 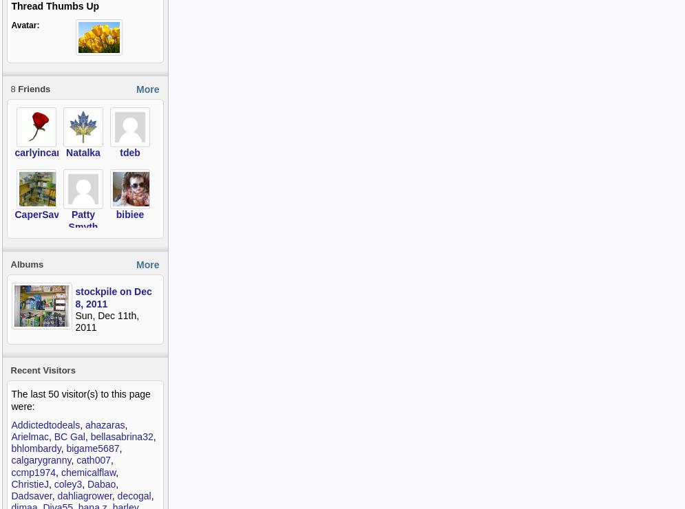 I want to click on 'dahliagrower', so click(x=56, y=495).